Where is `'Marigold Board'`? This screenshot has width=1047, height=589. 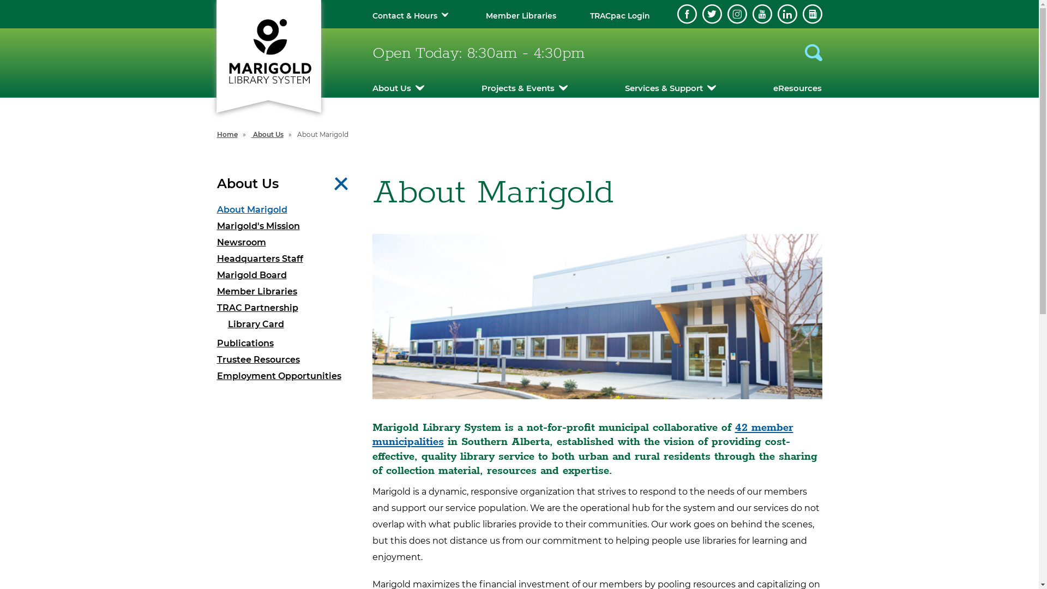 'Marigold Board' is located at coordinates (286, 275).